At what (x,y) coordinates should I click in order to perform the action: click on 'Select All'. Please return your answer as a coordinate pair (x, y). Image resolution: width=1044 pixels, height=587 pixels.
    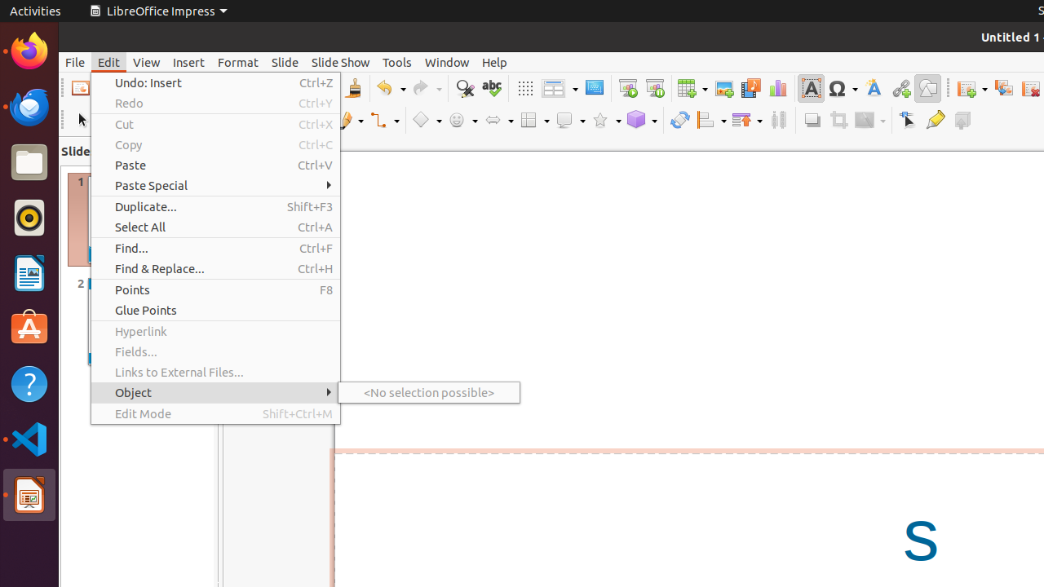
    Looking at the image, I should click on (215, 227).